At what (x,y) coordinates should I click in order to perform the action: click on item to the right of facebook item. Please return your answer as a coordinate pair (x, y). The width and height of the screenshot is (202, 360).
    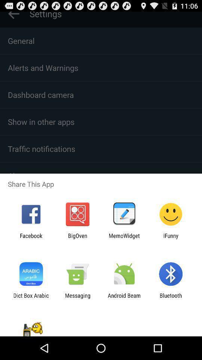
    Looking at the image, I should click on (77, 238).